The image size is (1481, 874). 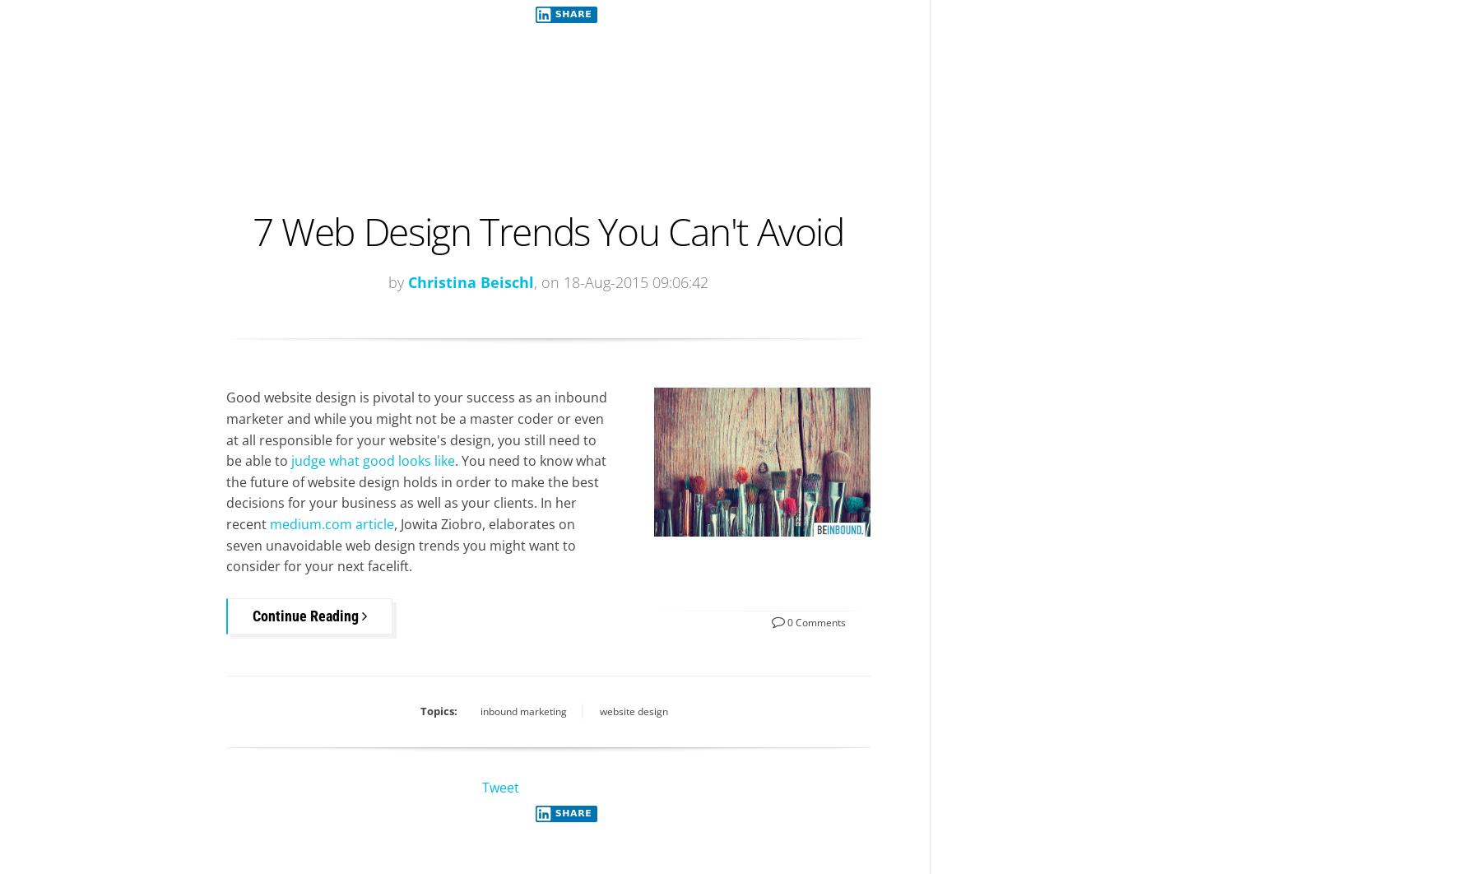 I want to click on ', on 18-Aug-2015 09:06:42', so click(x=620, y=281).